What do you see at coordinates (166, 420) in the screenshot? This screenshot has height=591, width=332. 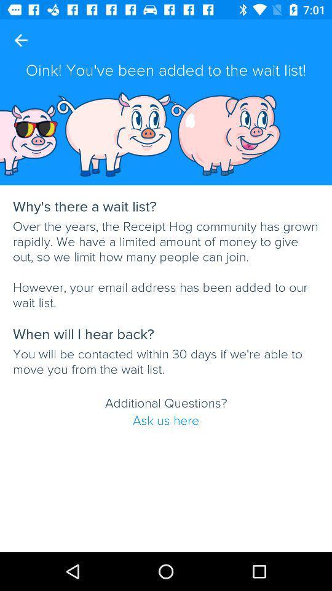 I see `item below additional questions?` at bounding box center [166, 420].